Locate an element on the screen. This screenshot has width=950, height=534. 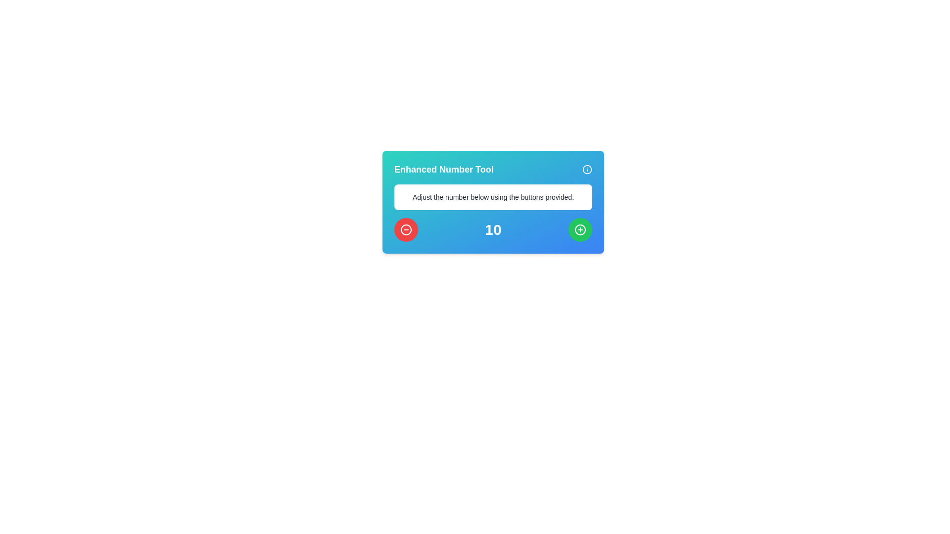
the plus-circle icon by clicking on the circular SVG boundary element located directly to the right of the number '10' is located at coordinates (580, 230).